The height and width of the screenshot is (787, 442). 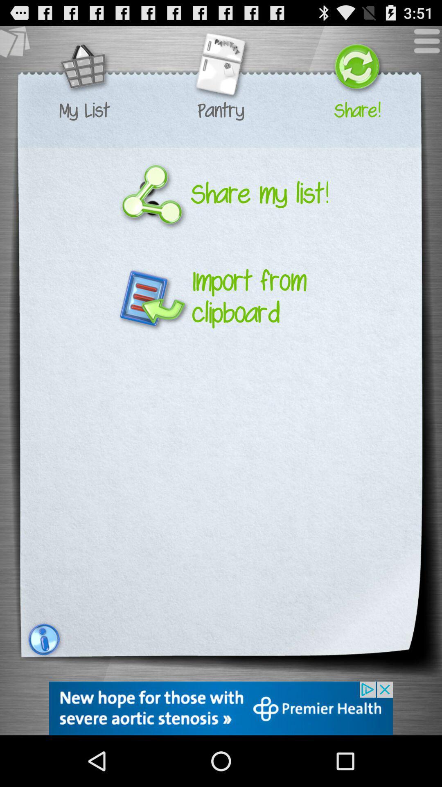 I want to click on the info icon, so click(x=43, y=684).